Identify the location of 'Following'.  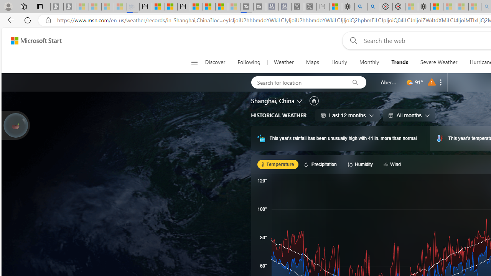
(249, 62).